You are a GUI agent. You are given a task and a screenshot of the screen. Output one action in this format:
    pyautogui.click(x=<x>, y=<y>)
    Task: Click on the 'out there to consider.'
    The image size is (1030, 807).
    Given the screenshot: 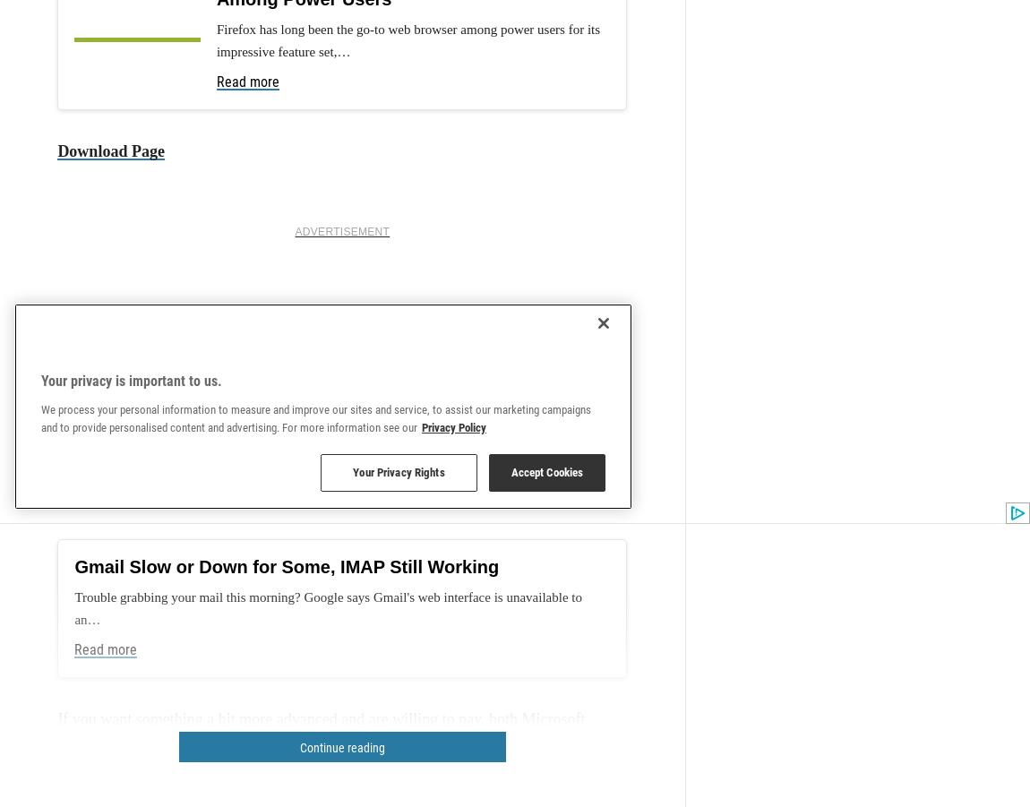 What is the action you would take?
    pyautogui.click(x=238, y=601)
    